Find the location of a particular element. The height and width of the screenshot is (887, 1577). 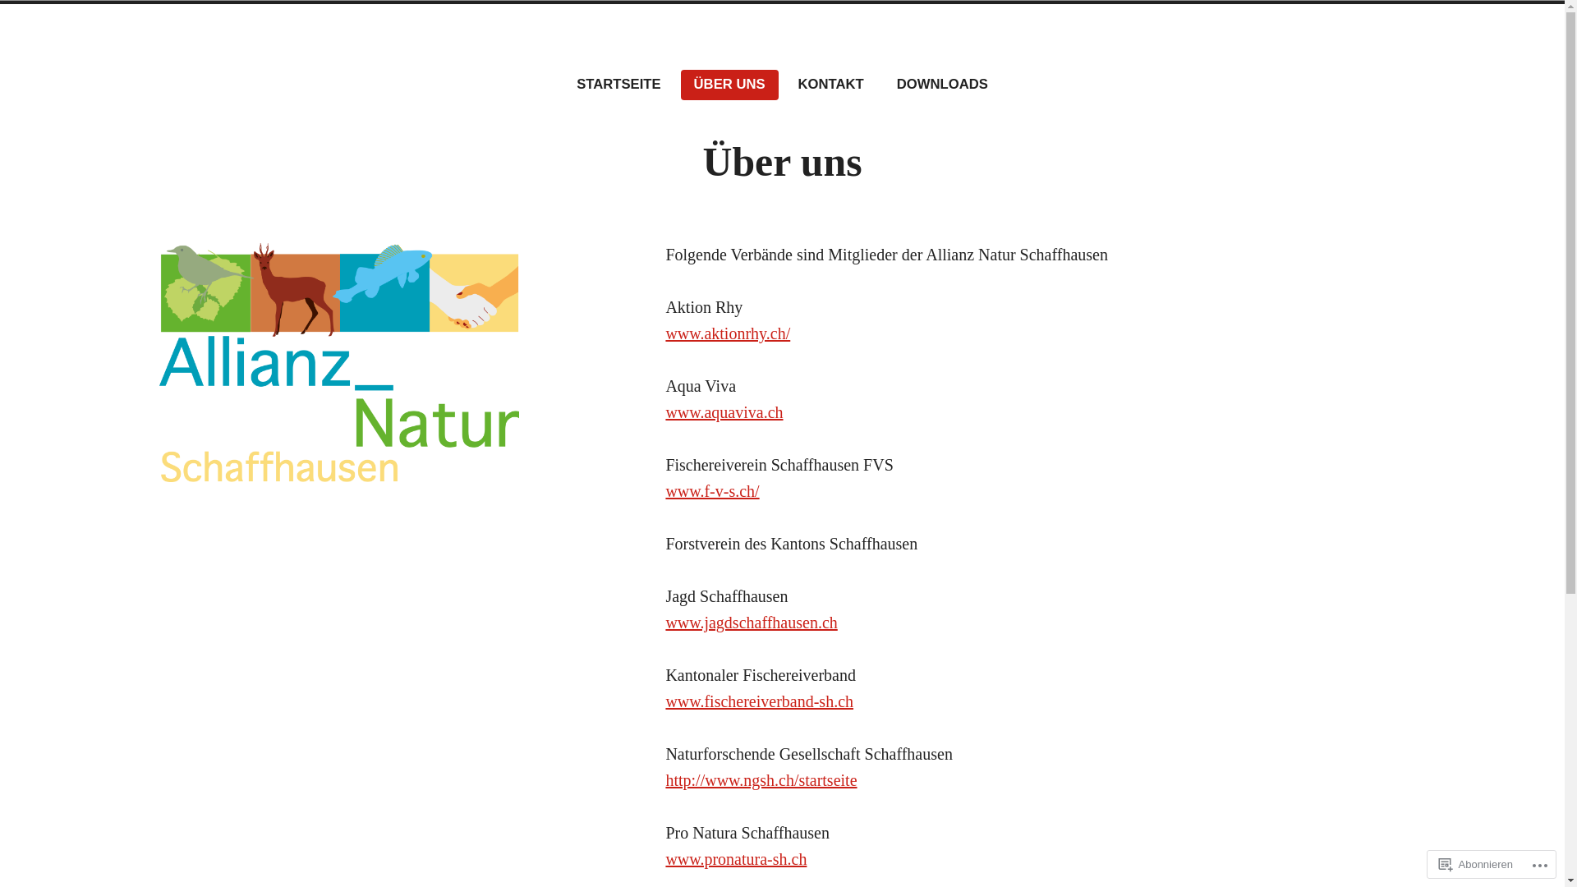

'Abonnieren' is located at coordinates (1476, 863).